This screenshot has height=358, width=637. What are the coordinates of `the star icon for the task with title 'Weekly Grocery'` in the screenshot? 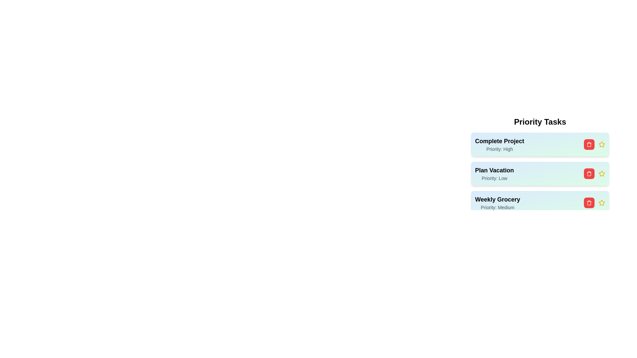 It's located at (602, 203).